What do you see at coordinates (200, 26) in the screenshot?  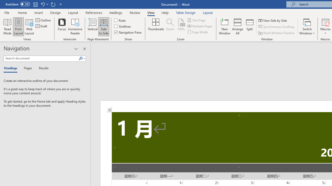 I see `'Multiple Pages'` at bounding box center [200, 26].